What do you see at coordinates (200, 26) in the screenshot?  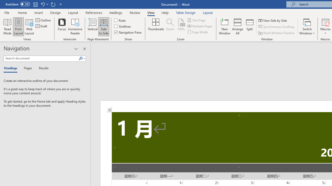 I see `'Multiple Pages'` at bounding box center [200, 26].